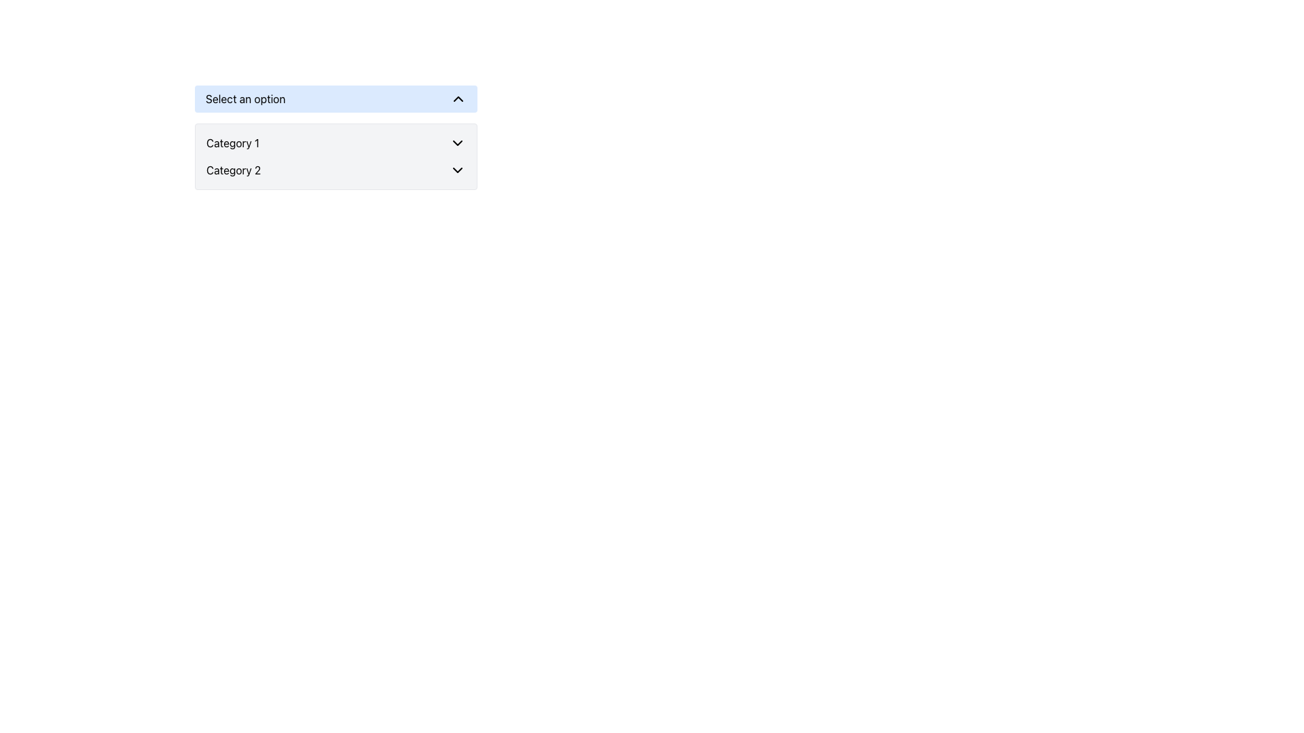  What do you see at coordinates (336, 143) in the screenshot?
I see `the first dropdown option labeled 'Category 1'` at bounding box center [336, 143].